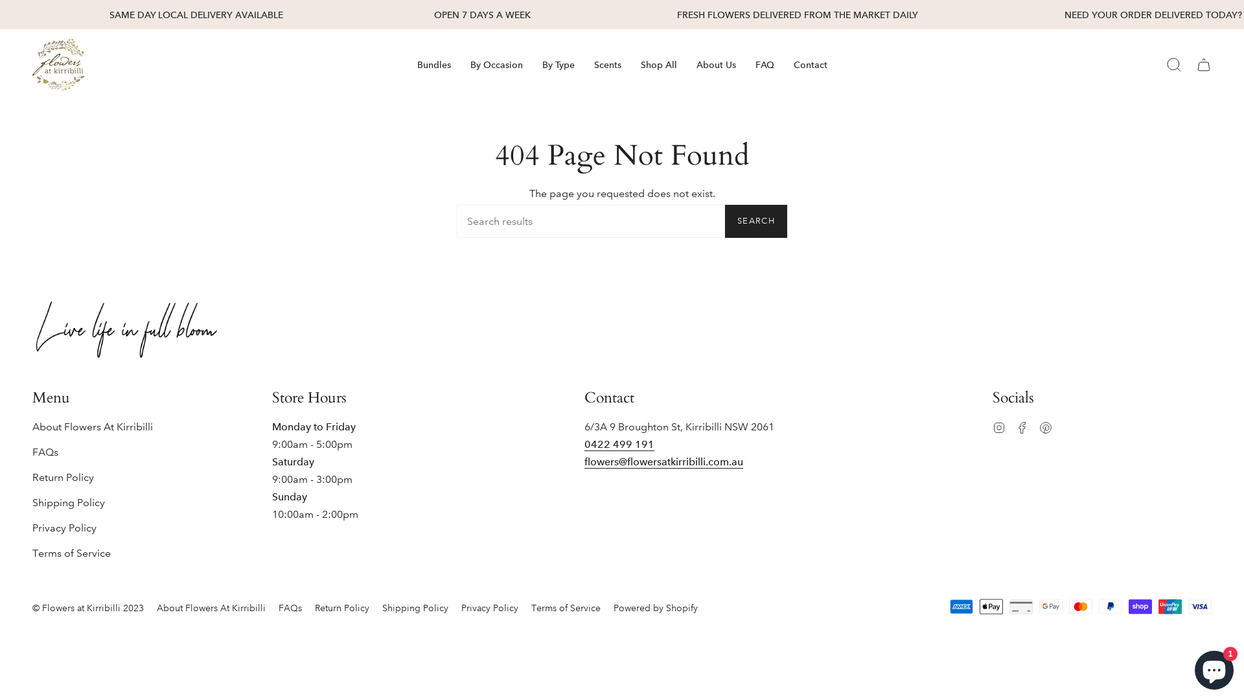  I want to click on 'Privacy Policy', so click(489, 607).